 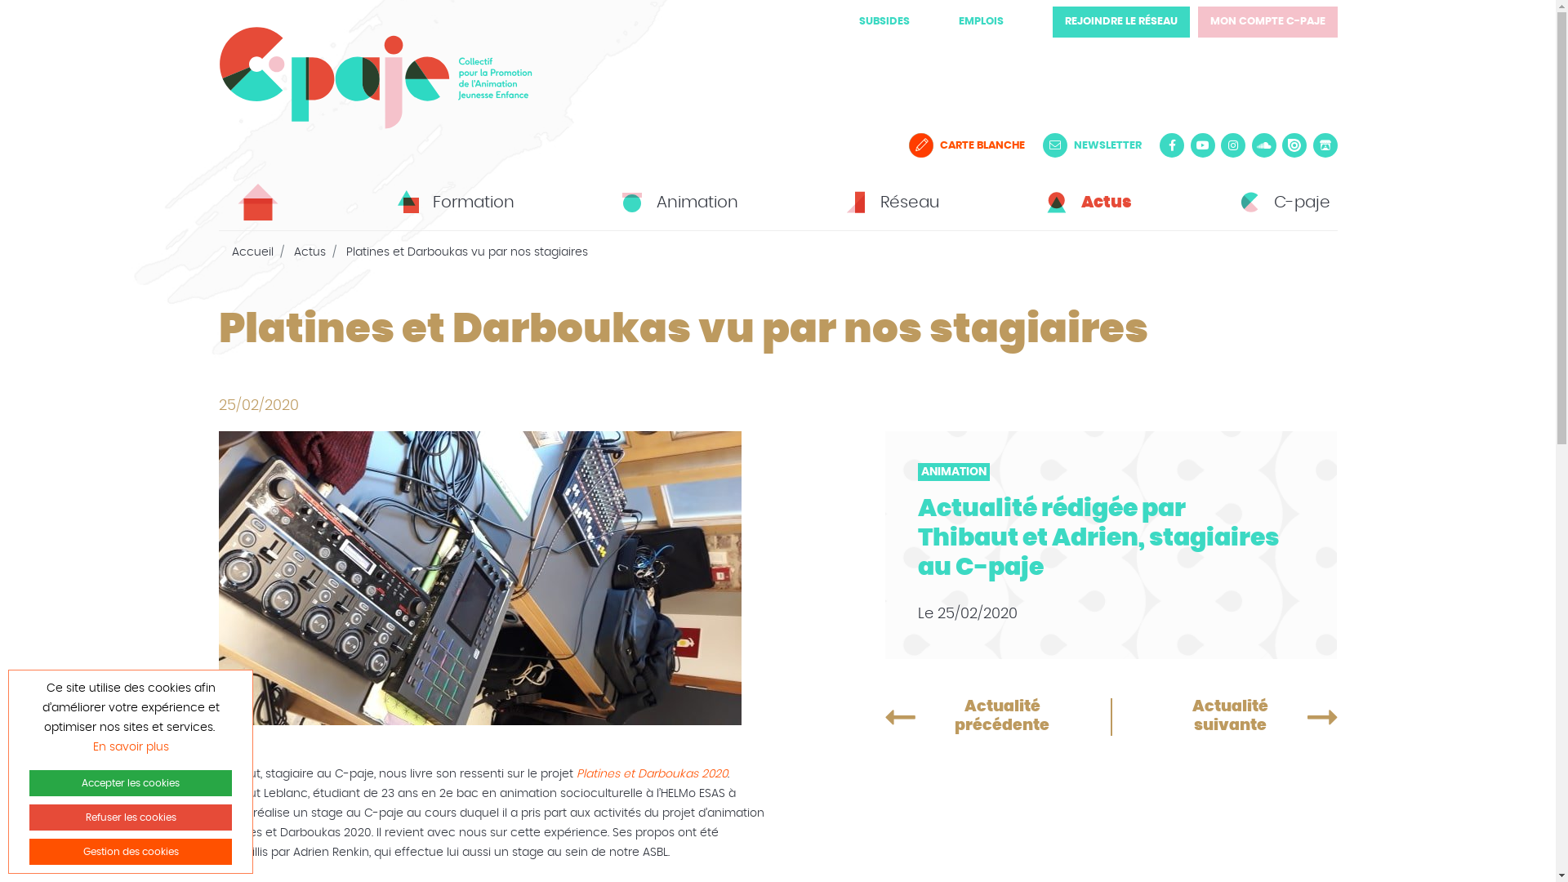 I want to click on 'Youtube', so click(x=1203, y=144).